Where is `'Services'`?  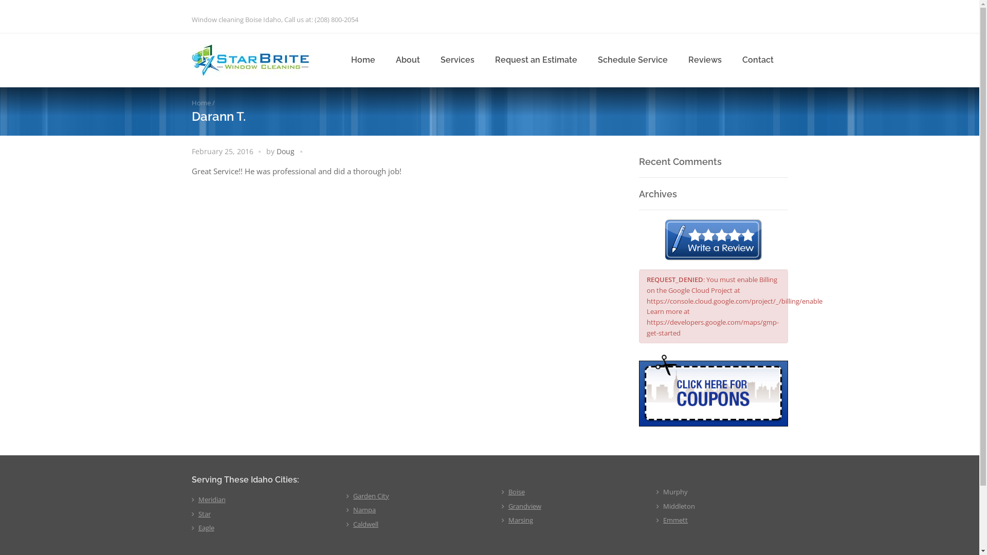
'Services' is located at coordinates (456, 60).